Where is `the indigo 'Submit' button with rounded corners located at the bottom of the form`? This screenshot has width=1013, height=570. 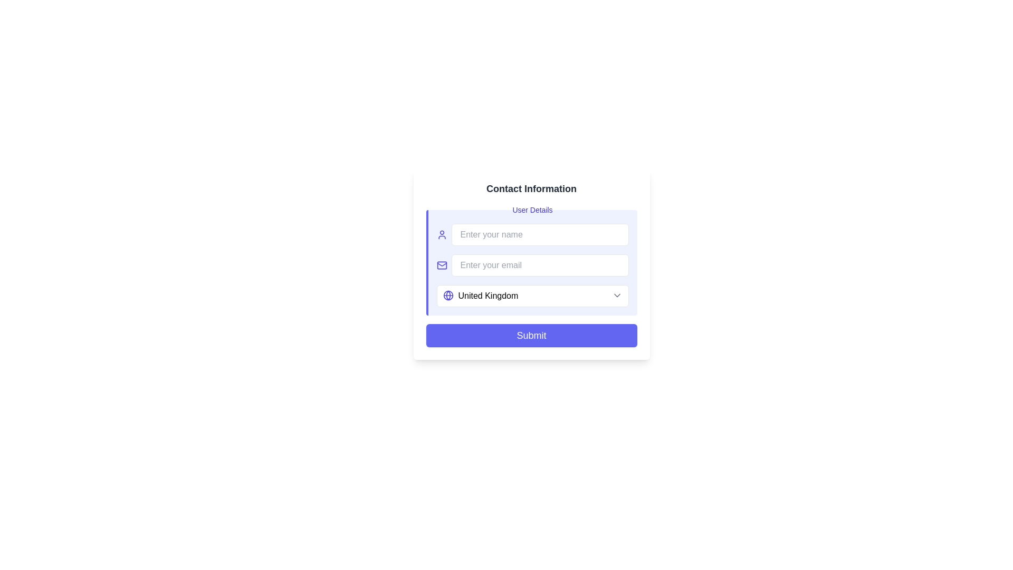 the indigo 'Submit' button with rounded corners located at the bottom of the form is located at coordinates (531, 336).